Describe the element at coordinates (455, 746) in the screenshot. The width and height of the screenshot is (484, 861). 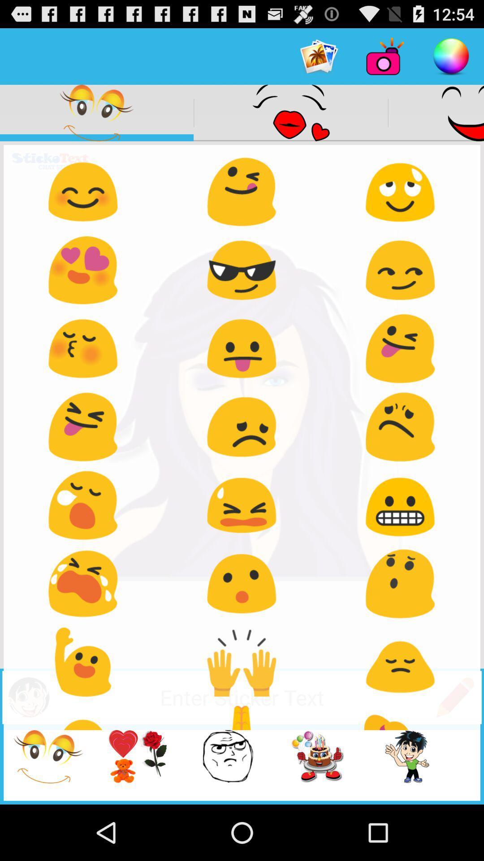
I see `the edit icon` at that location.